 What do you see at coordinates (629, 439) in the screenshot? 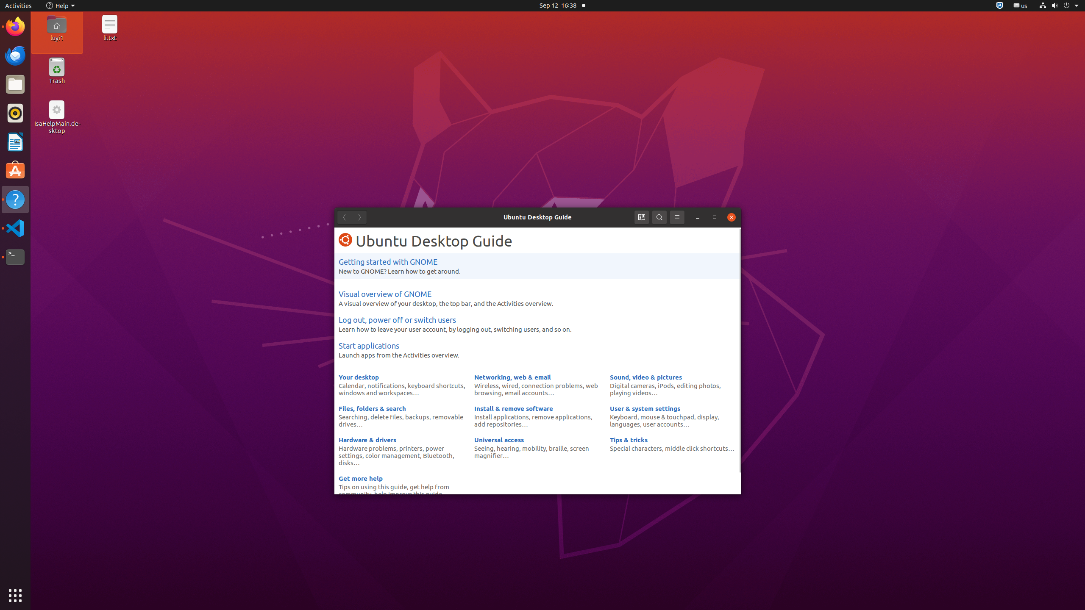
I see `'Tips & tricks'` at bounding box center [629, 439].